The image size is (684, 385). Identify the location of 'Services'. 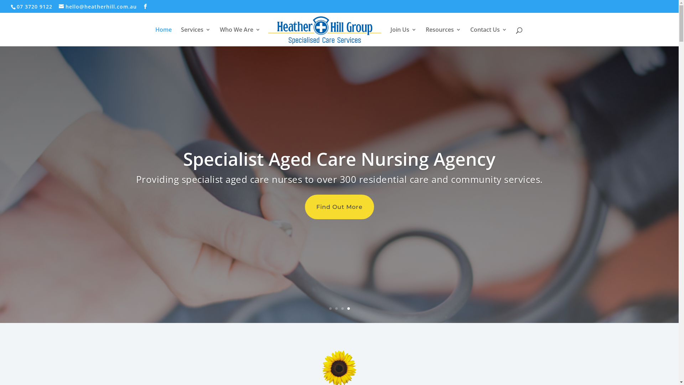
(196, 37).